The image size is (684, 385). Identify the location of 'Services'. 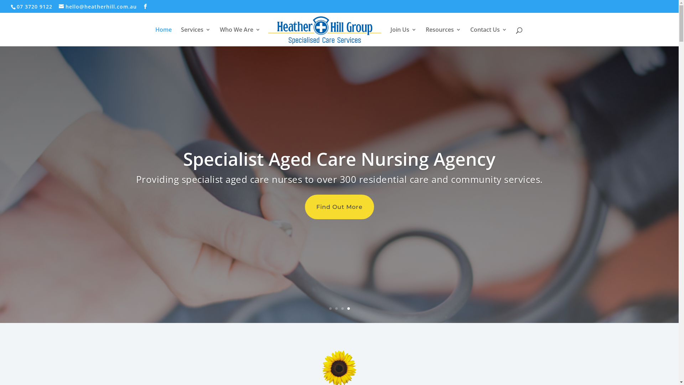
(196, 37).